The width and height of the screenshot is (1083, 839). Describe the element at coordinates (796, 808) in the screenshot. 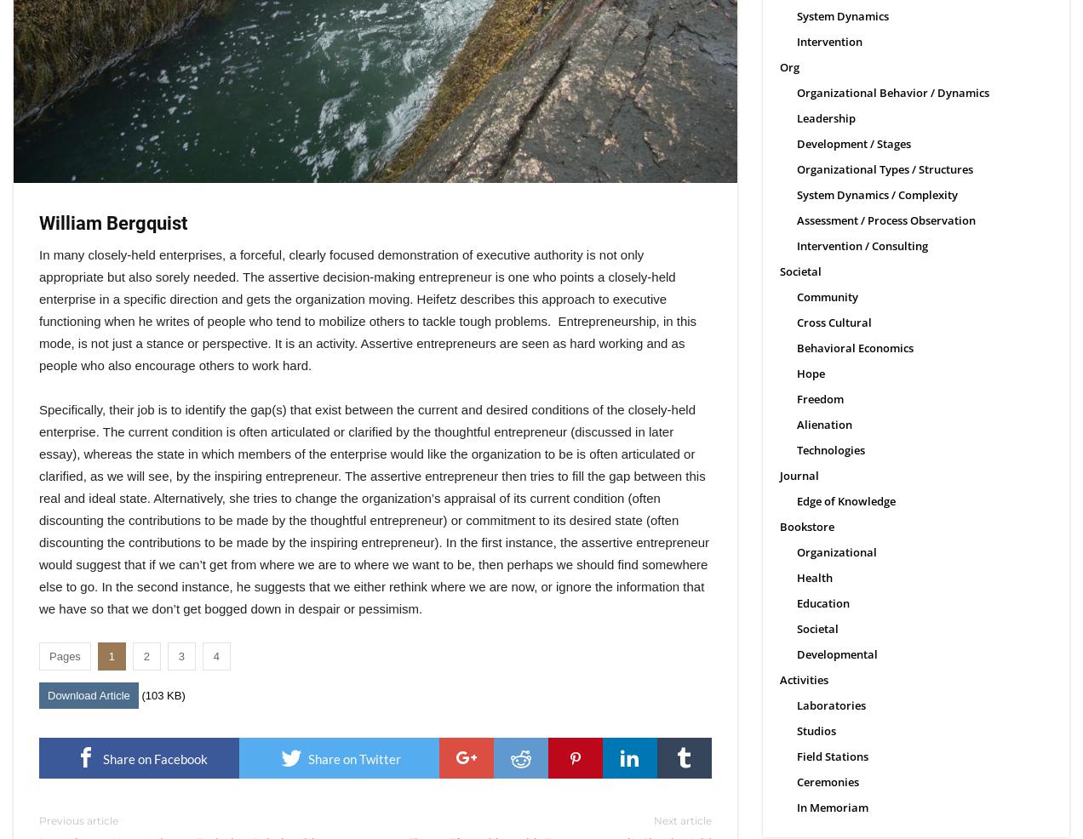

I see `'In Memoriam'` at that location.